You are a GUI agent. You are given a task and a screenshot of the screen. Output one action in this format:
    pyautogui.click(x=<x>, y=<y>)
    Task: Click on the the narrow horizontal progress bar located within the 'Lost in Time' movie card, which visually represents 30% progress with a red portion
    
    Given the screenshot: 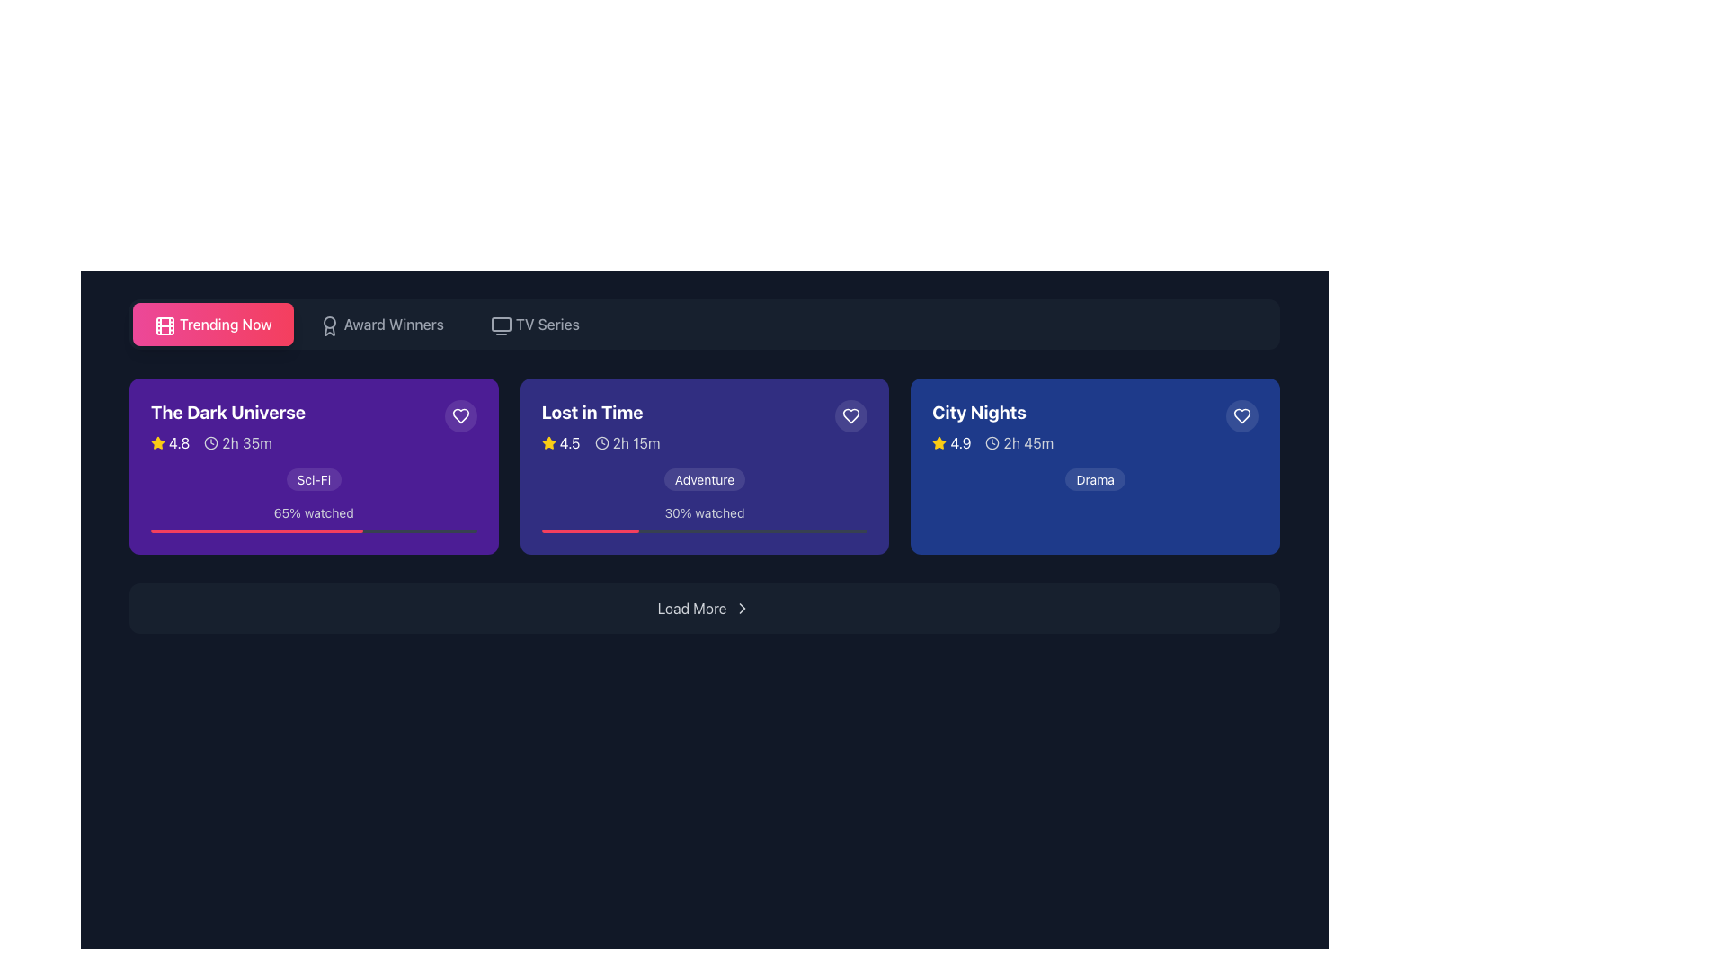 What is the action you would take?
    pyautogui.click(x=703, y=530)
    